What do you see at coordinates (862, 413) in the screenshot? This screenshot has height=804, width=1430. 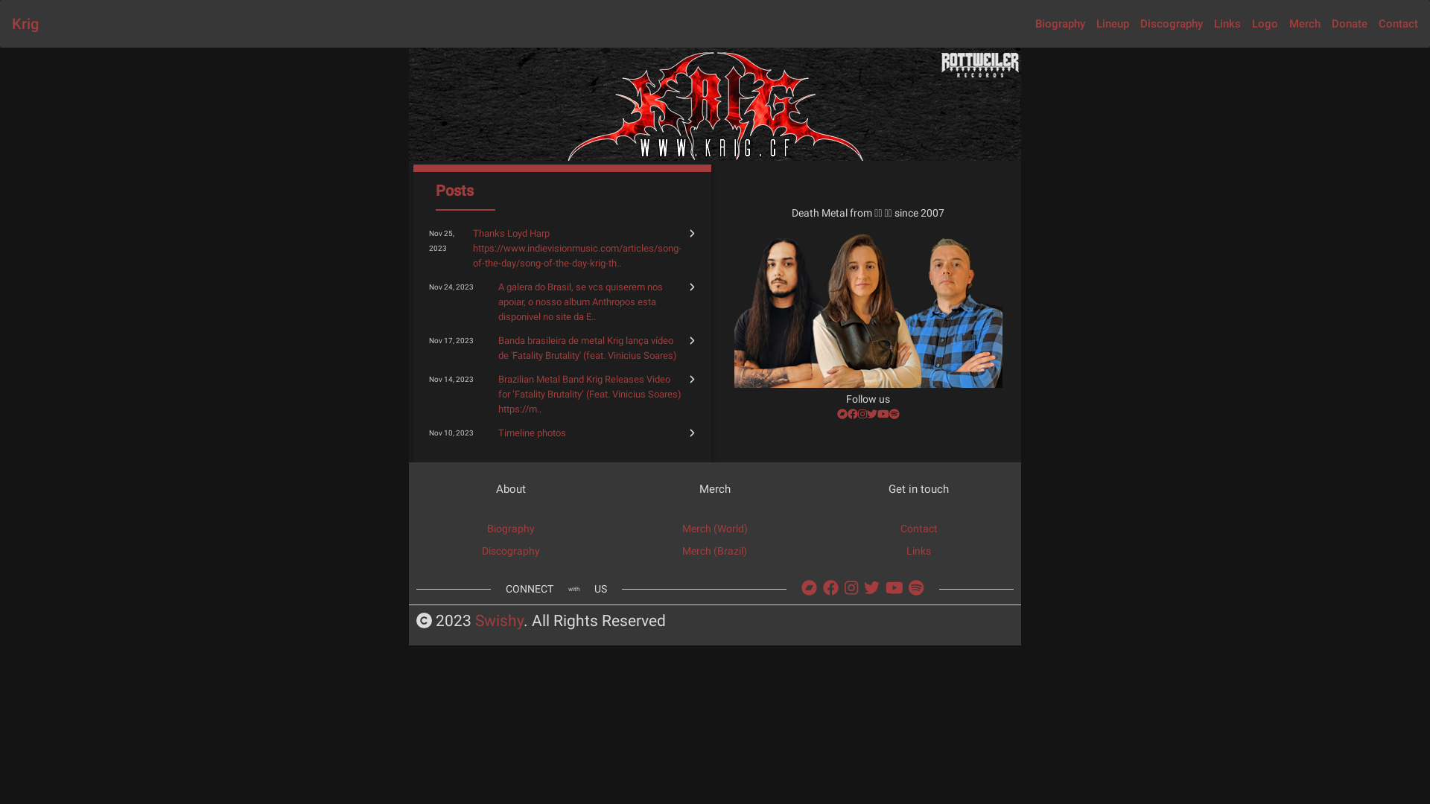 I see `'Instagram'` at bounding box center [862, 413].